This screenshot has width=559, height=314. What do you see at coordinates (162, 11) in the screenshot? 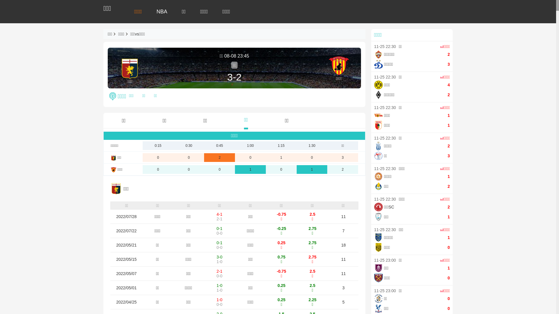
I see `'NBA'` at bounding box center [162, 11].